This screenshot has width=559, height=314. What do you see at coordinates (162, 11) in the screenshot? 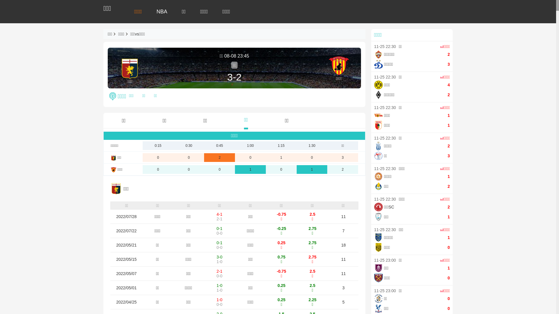
I see `'NBA'` at bounding box center [162, 11].